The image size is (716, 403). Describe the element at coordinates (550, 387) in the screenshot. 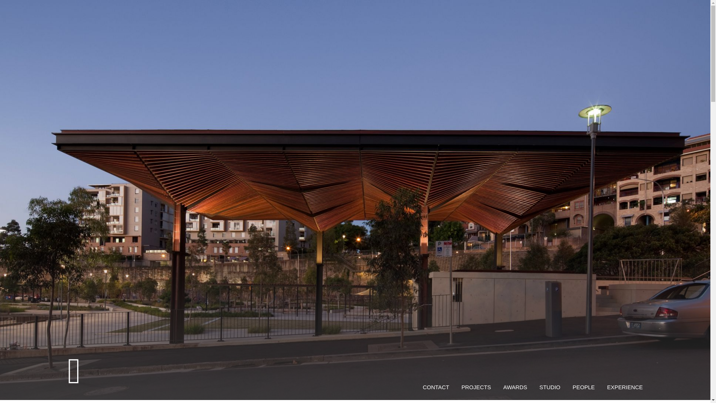

I see `'STUDIO'` at that location.